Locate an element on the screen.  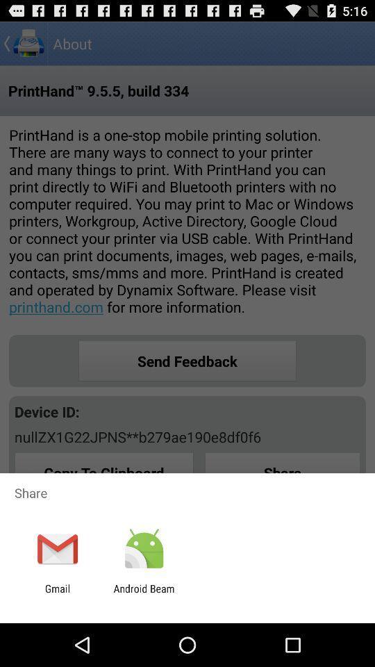
the gmail is located at coordinates (57, 594).